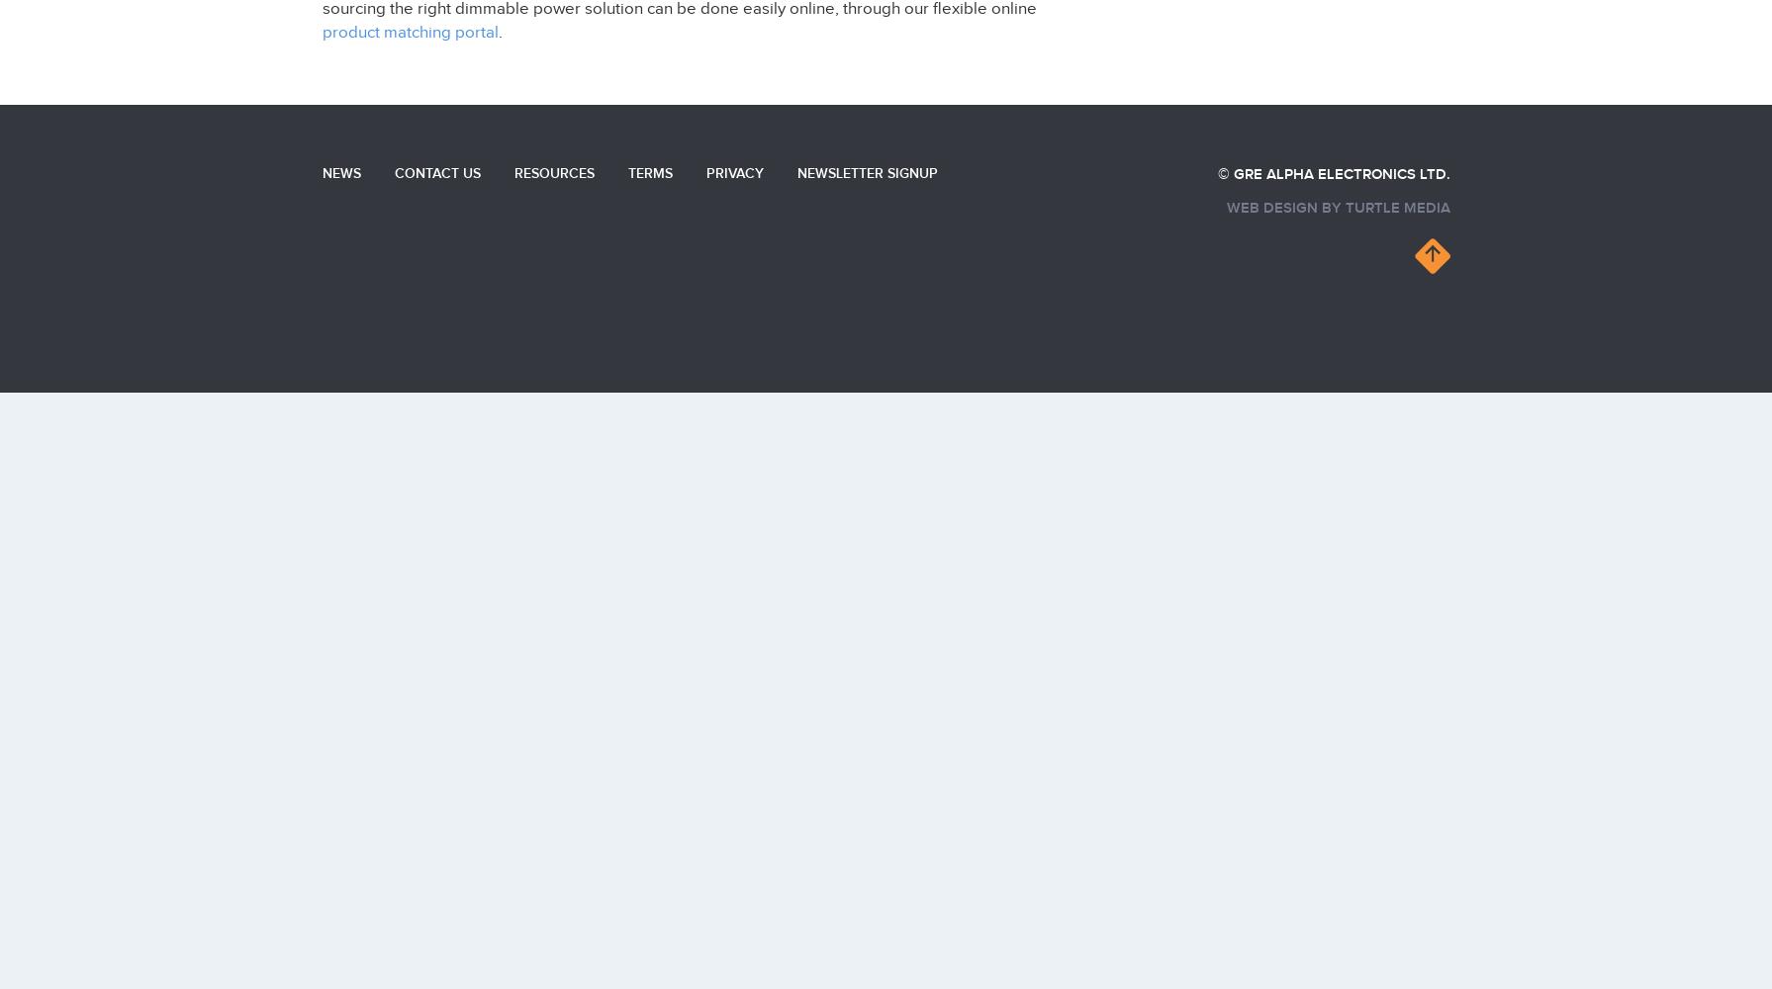 The width and height of the screenshot is (1772, 989). What do you see at coordinates (553, 172) in the screenshot?
I see `'Resources'` at bounding box center [553, 172].